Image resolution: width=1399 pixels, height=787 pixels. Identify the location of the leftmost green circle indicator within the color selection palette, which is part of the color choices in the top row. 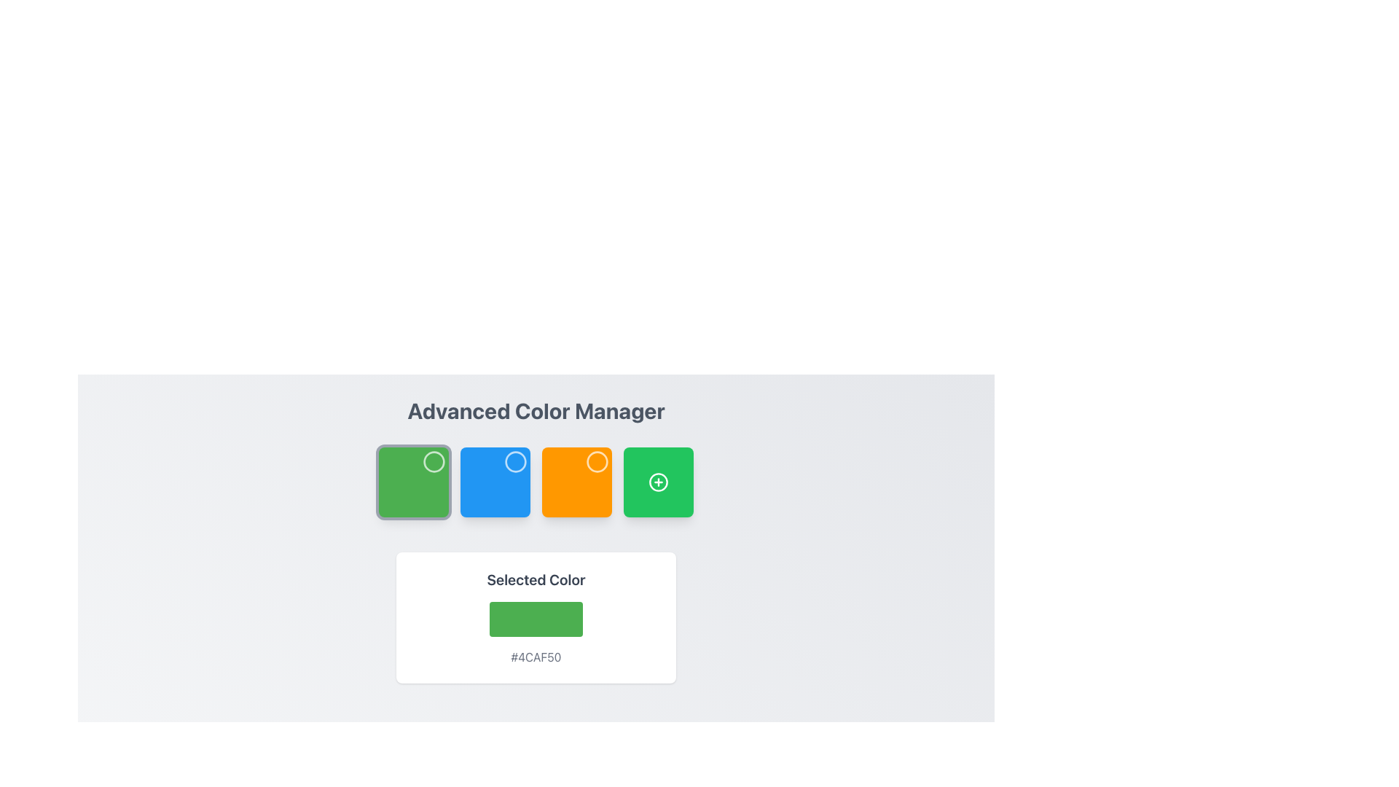
(433, 461).